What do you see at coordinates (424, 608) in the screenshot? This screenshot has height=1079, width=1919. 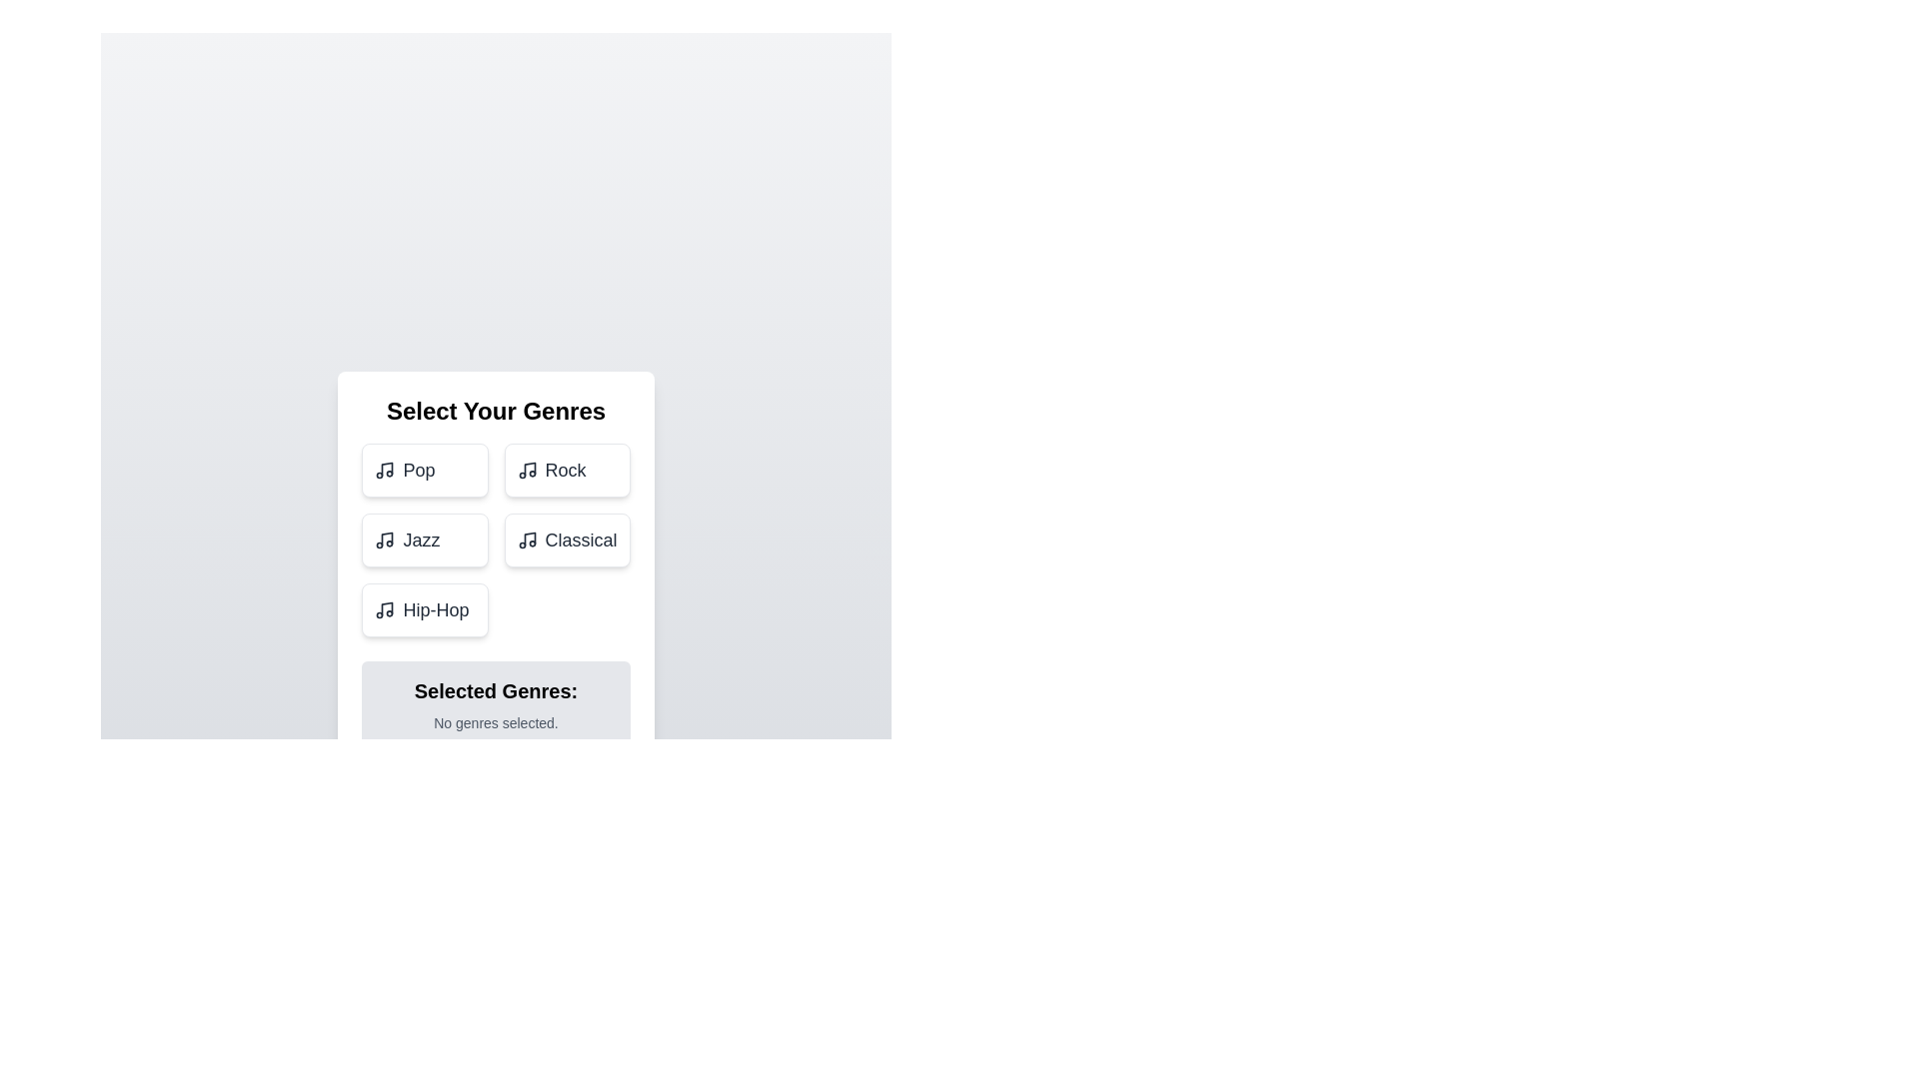 I see `the genre Hip-Hop` at bounding box center [424, 608].